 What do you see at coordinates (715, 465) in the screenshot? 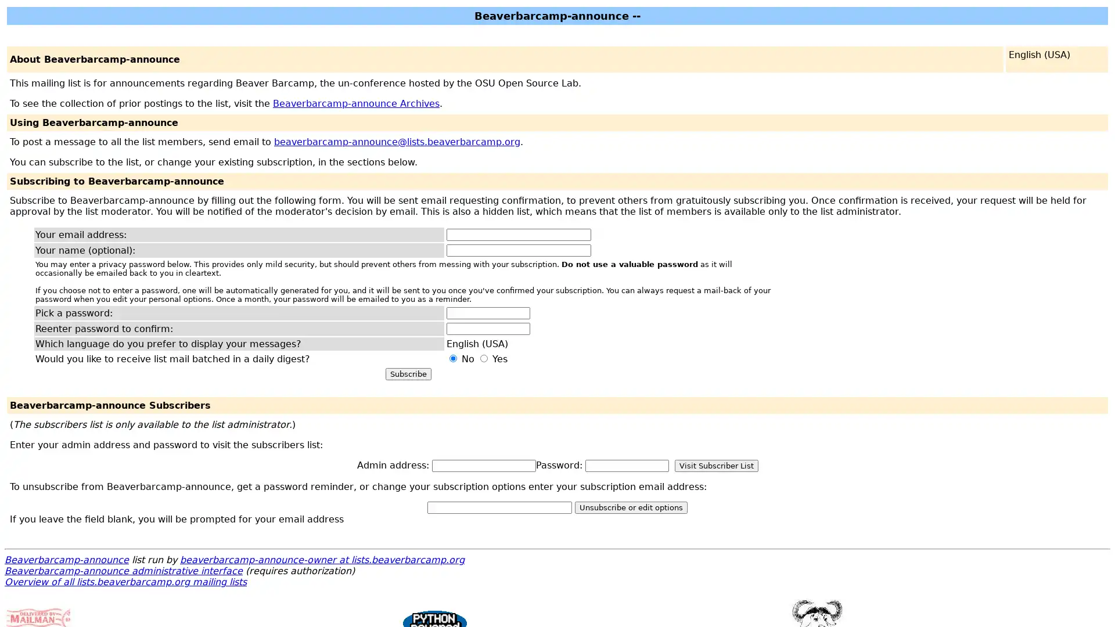
I see `Visit Subscriber List` at bounding box center [715, 465].